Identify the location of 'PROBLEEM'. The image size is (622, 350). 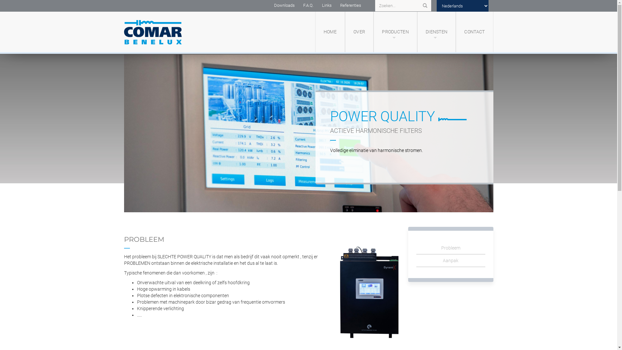
(144, 239).